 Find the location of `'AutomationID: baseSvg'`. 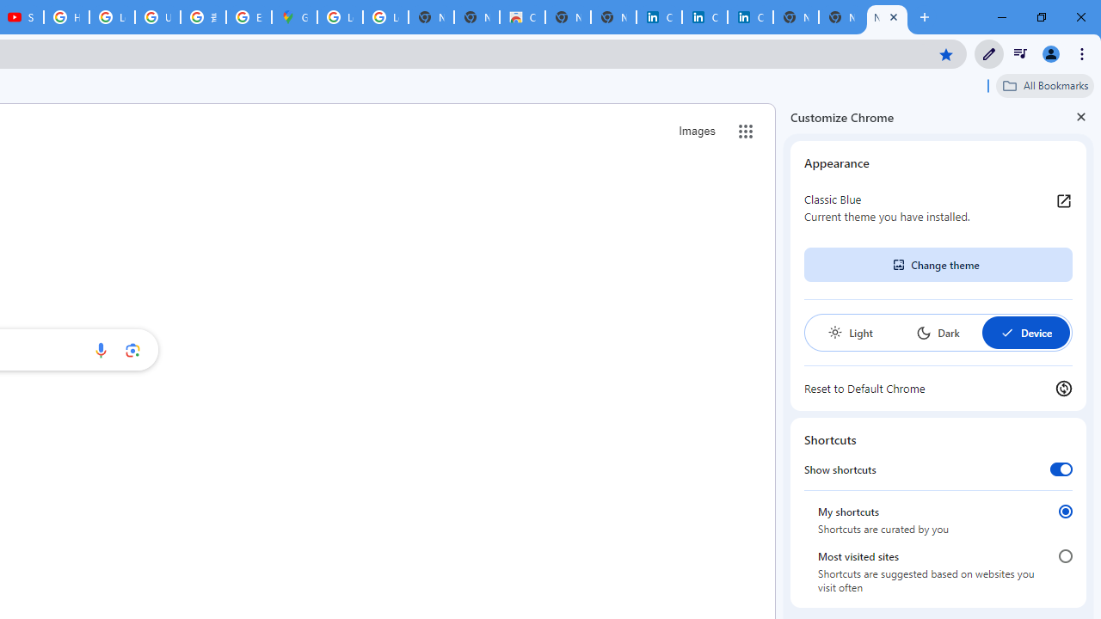

'AutomationID: baseSvg' is located at coordinates (1006, 333).